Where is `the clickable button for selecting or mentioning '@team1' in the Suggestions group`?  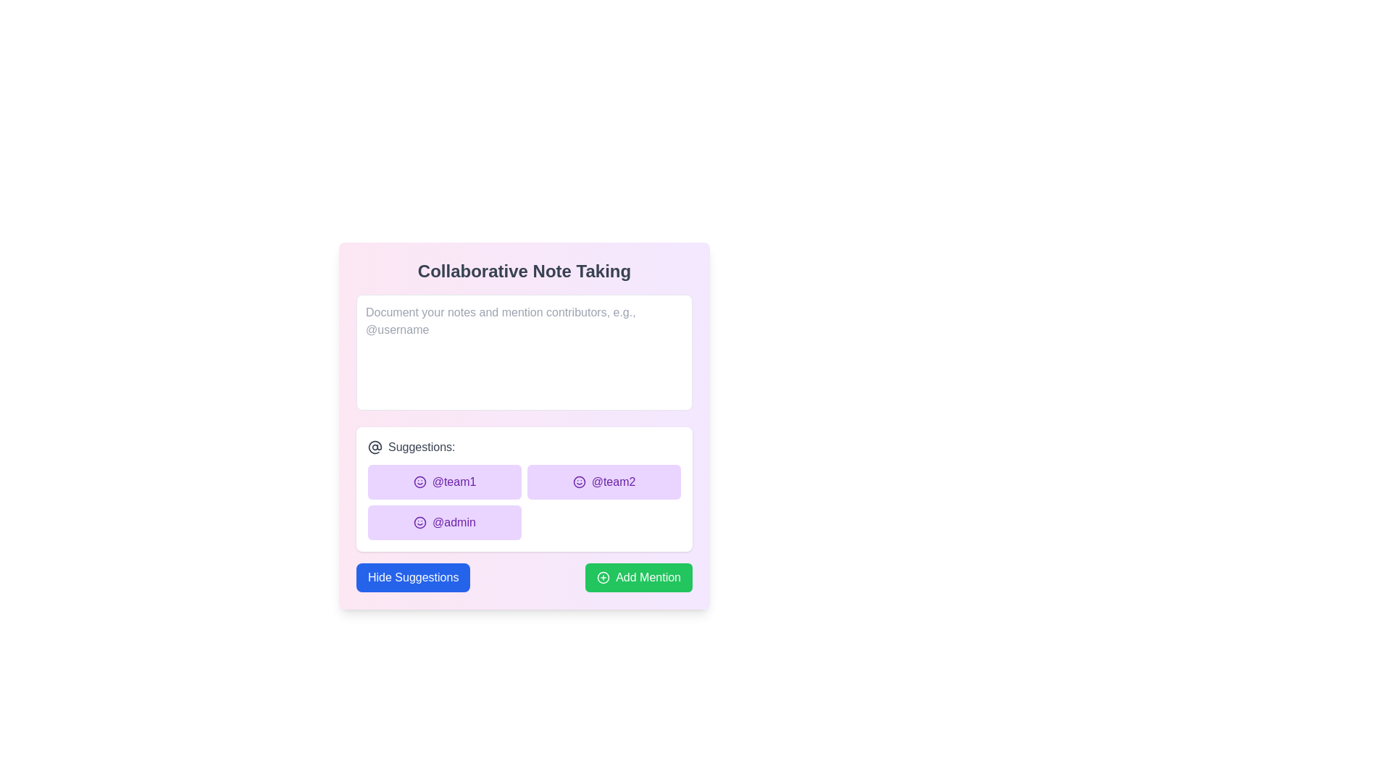
the clickable button for selecting or mentioning '@team1' in the Suggestions group is located at coordinates (444, 482).